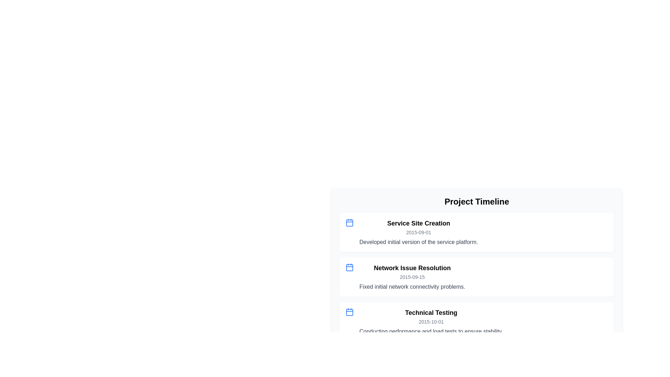 Image resolution: width=670 pixels, height=377 pixels. Describe the element at coordinates (431, 331) in the screenshot. I see `text label displaying 'Conducting performance and load tests to ensure stability.' located under the 'Technical Testing' section in the 'Project Timeline' interface` at that location.